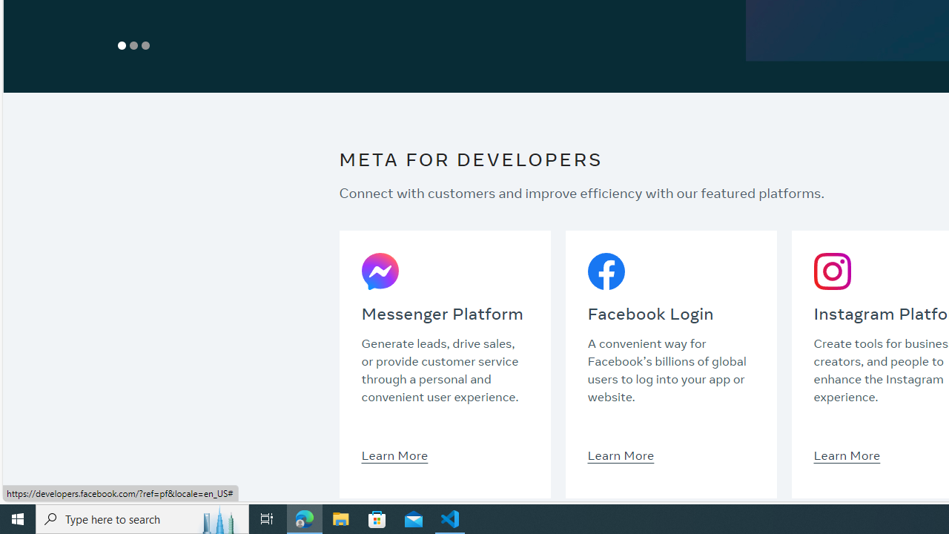  I want to click on 'Show Slide 2', so click(134, 44).